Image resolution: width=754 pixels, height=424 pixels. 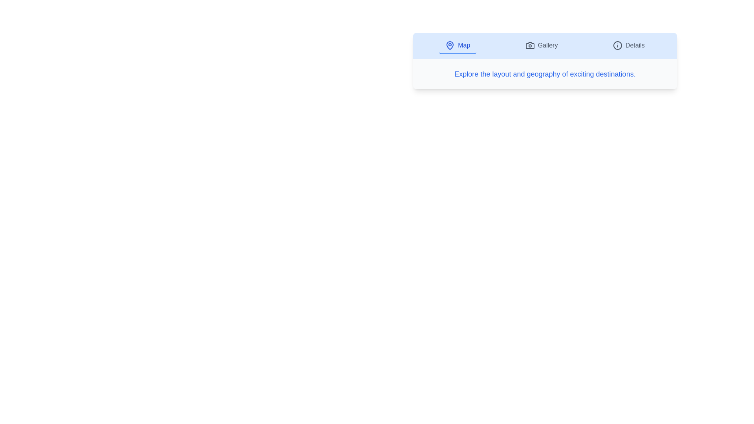 I want to click on the icon of the Details tab, so click(x=617, y=45).